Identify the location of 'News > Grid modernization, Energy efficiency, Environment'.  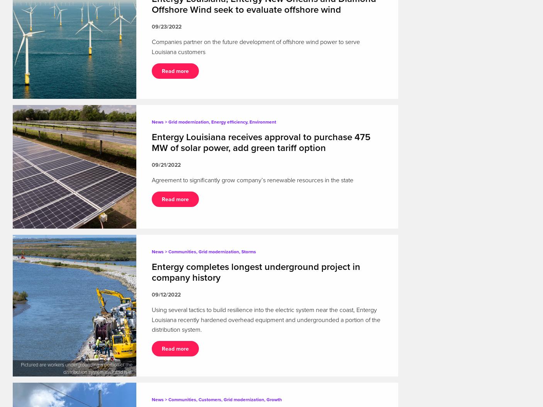
(151, 121).